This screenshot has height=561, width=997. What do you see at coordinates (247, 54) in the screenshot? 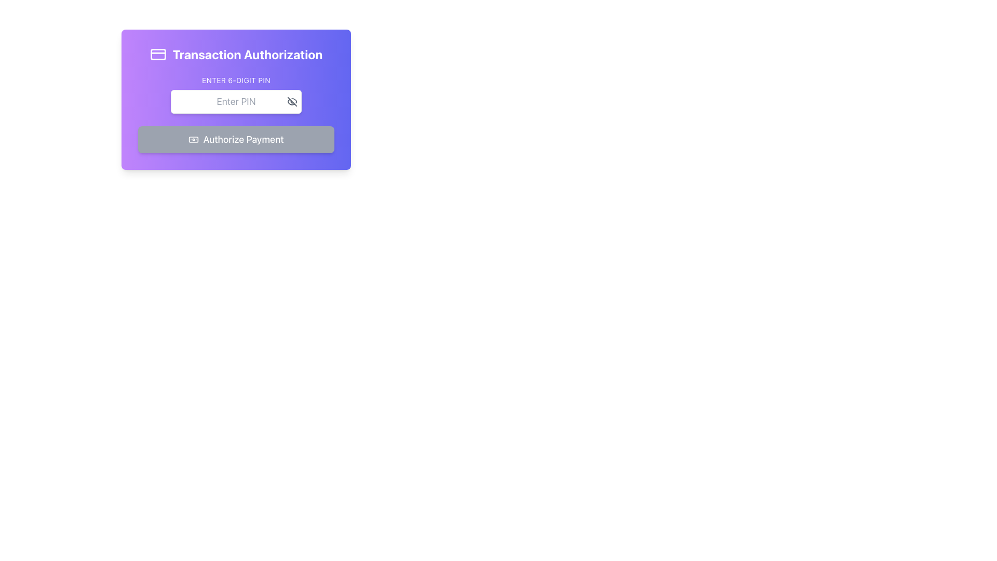
I see `text from the 'Transaction Authorization' label, which is styled in bold white letters and located in the top portion of a card-like layout, adjacent to a credit card icon` at bounding box center [247, 54].